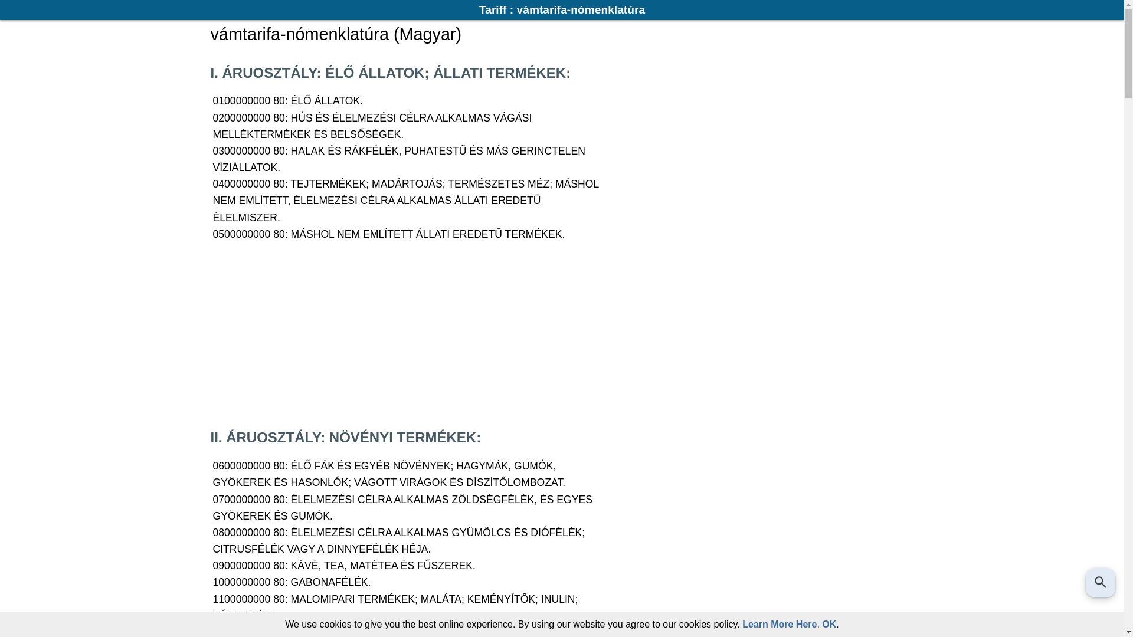  I want to click on 'Learn More Here', so click(779, 623).